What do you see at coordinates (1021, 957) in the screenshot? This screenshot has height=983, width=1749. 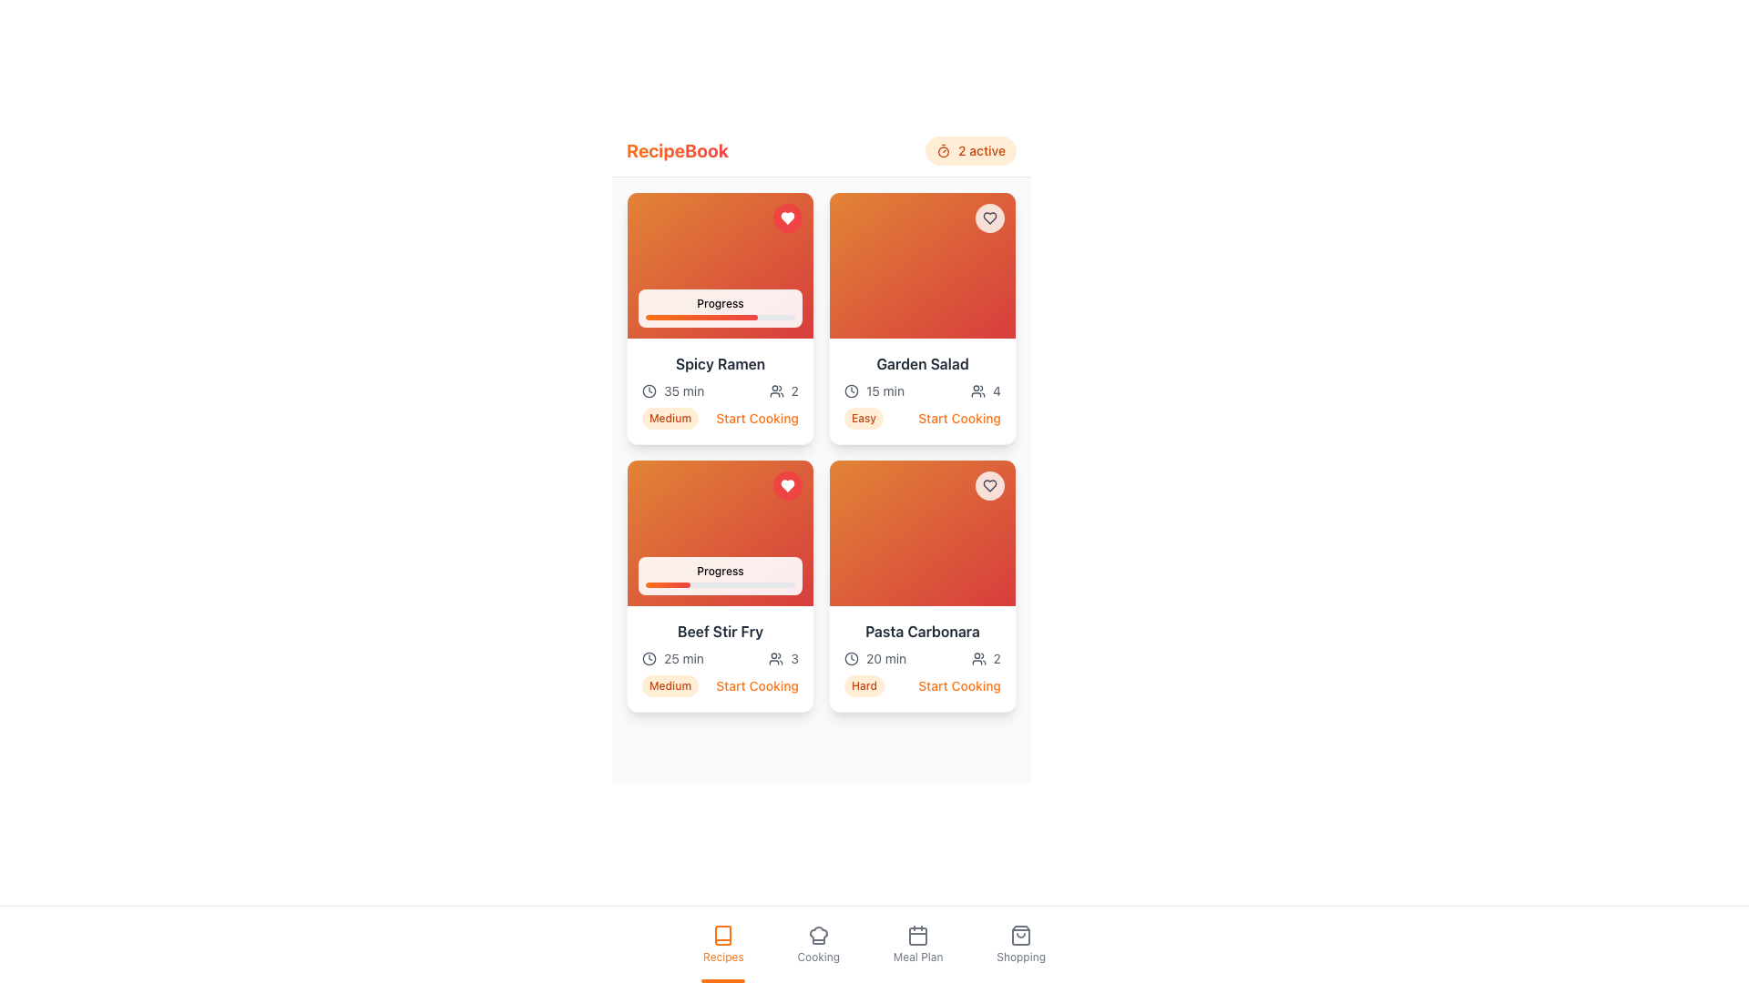 I see `the 'Shopping' text label located at the bottom navigation bar, which is the fourth item from the left, below the shopping bag icon` at bounding box center [1021, 957].